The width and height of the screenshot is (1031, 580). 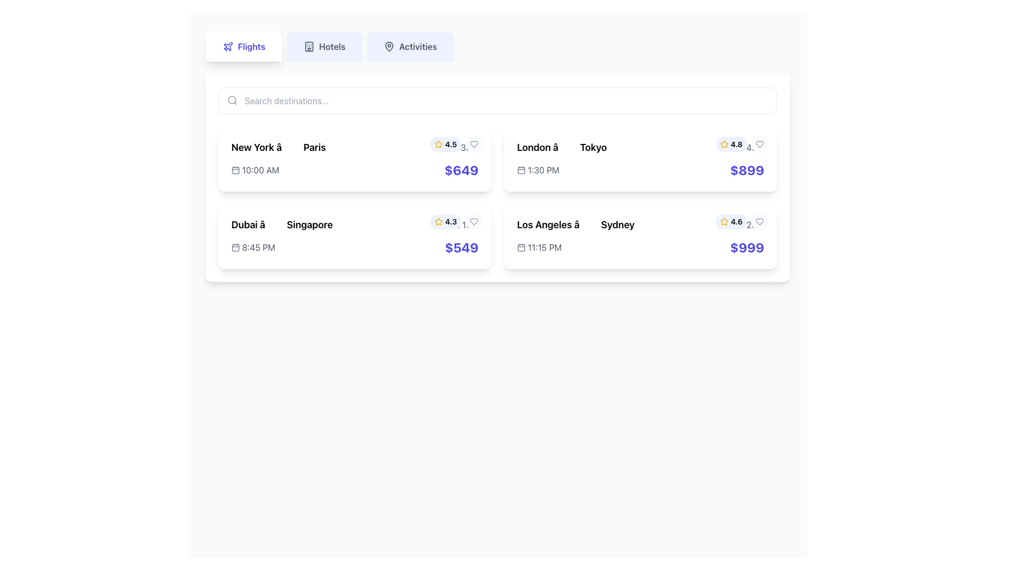 What do you see at coordinates (451, 144) in the screenshot?
I see `the numeric rating label displaying '4.5', which is part of the rating badge next to the yellow star icon` at bounding box center [451, 144].